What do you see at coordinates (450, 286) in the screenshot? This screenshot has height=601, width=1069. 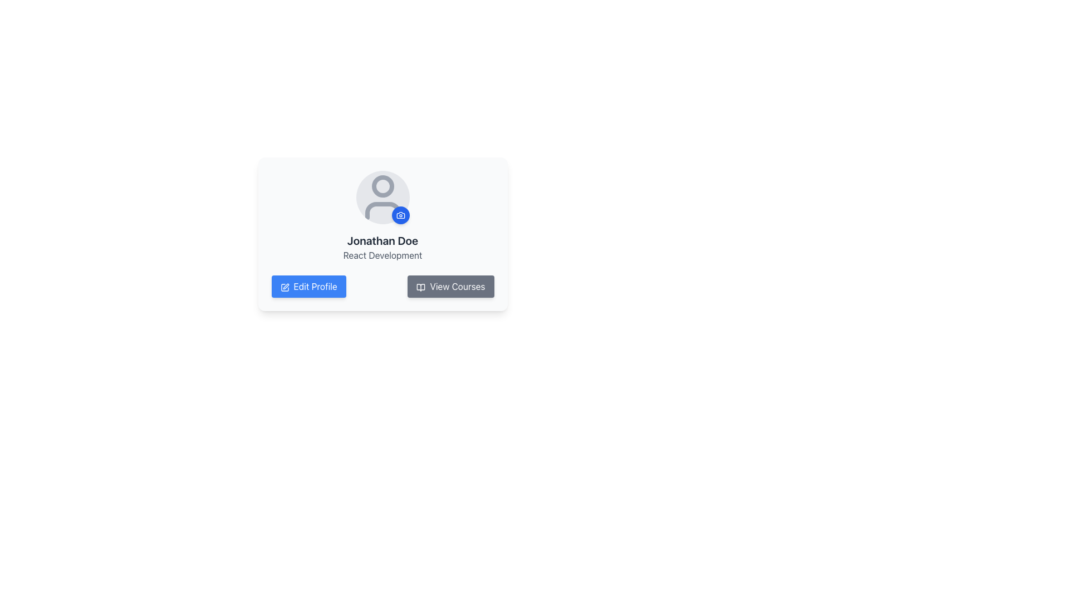 I see `the 'View Courses' button, which has a gray background and white text, located to the right of the 'Edit Profile' button in the button group below the user profile section` at bounding box center [450, 286].